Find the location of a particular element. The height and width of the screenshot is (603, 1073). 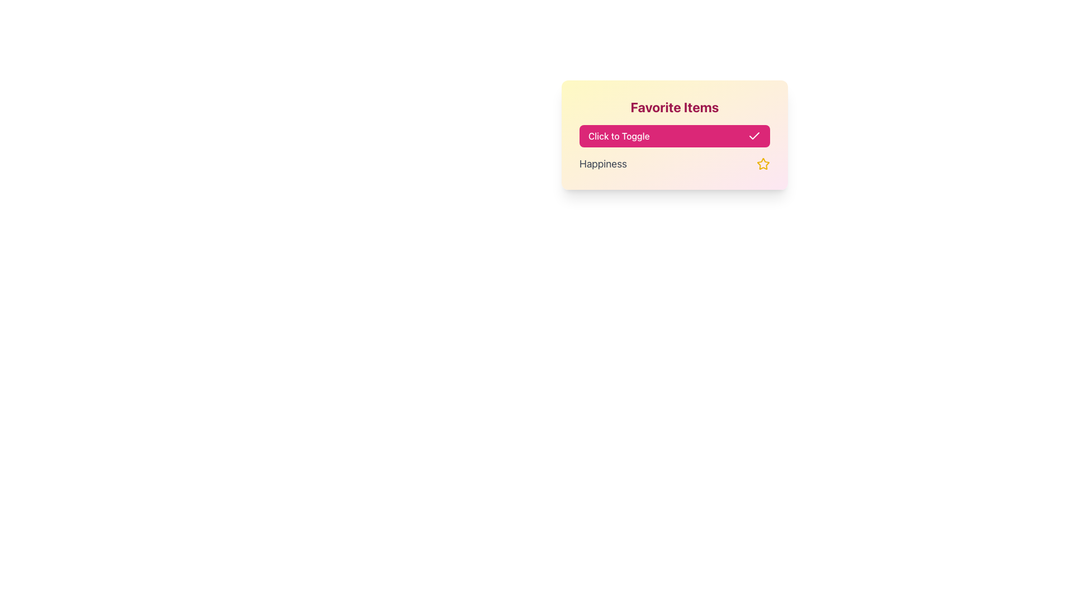

the text label 'Happiness' is located at coordinates (602, 164).